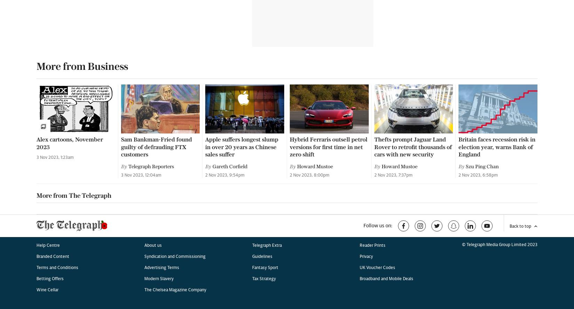 This screenshot has width=574, height=309. I want to click on 'Branded Content', so click(53, 41).